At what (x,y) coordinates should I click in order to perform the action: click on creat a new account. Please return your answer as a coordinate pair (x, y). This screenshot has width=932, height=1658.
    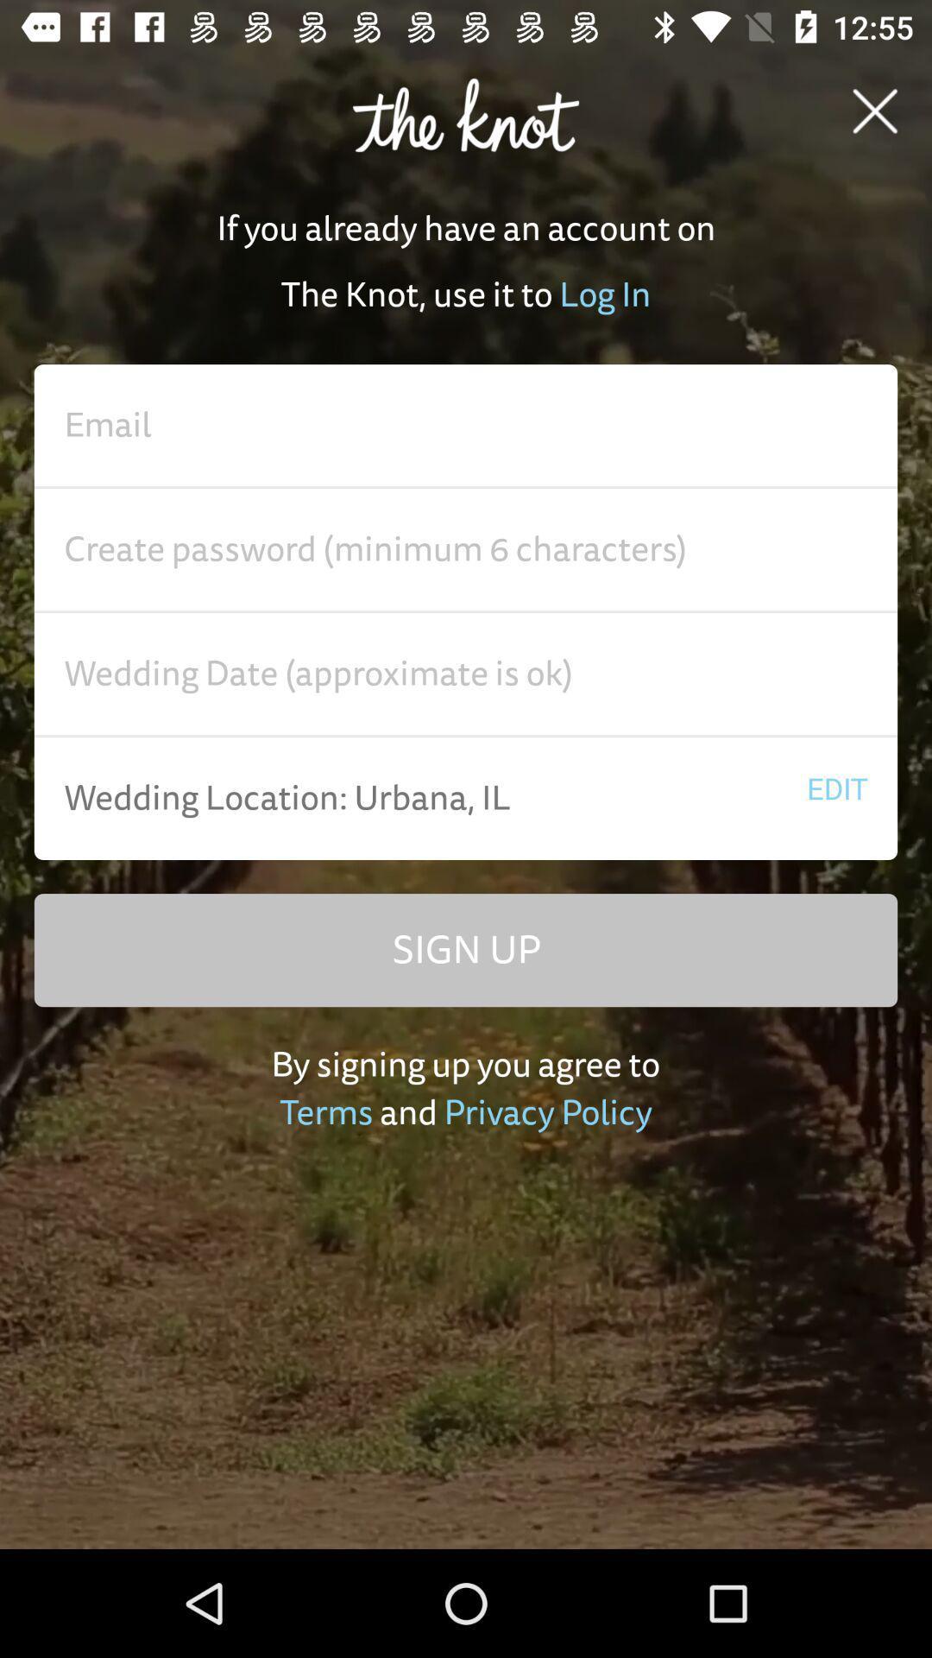
    Looking at the image, I should click on (466, 674).